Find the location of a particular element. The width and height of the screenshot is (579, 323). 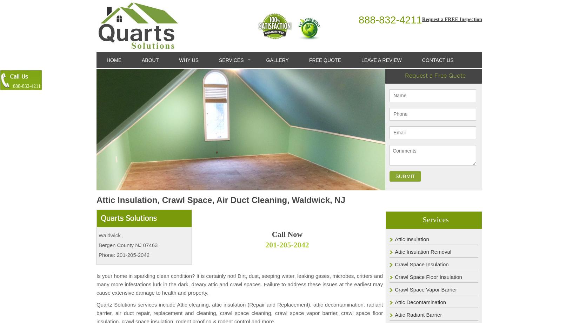

'Services' is located at coordinates (435, 219).